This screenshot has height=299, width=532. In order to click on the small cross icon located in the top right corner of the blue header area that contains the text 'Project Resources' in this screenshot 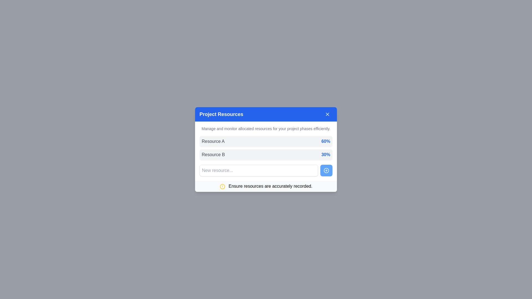, I will do `click(327, 114)`.